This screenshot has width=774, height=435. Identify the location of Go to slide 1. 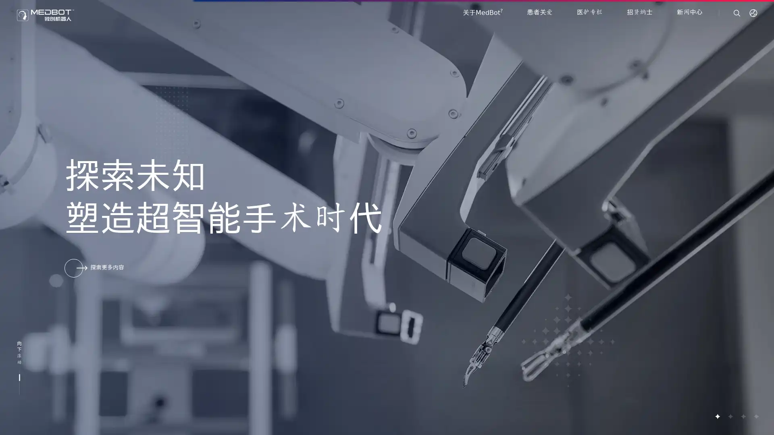
(717, 416).